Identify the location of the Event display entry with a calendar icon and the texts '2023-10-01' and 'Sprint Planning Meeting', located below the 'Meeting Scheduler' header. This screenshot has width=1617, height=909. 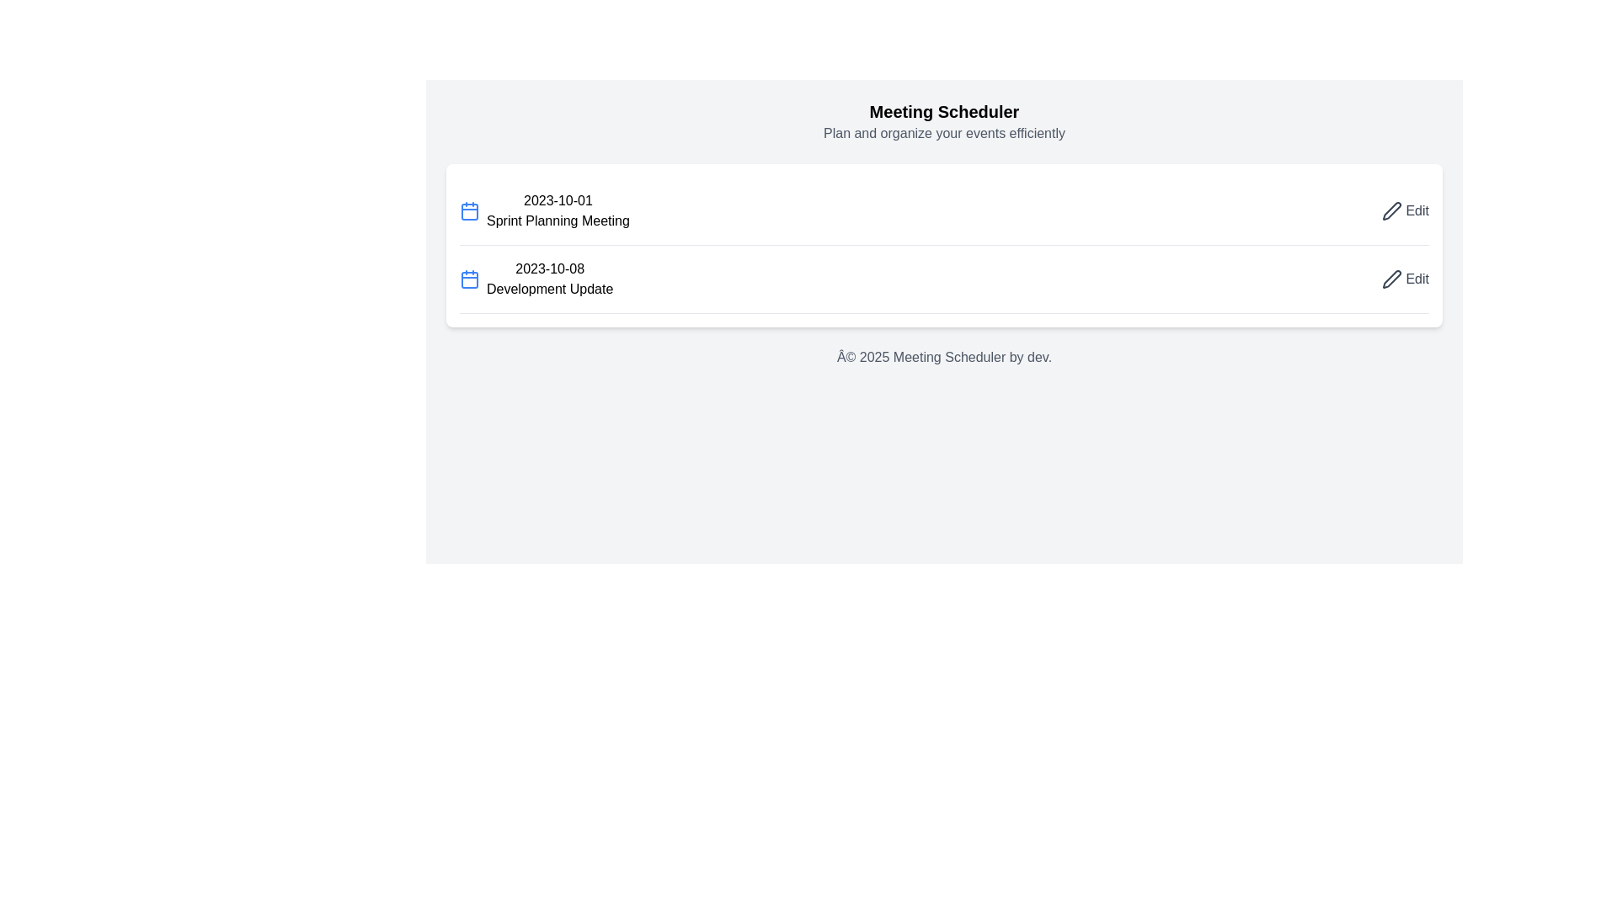
(545, 210).